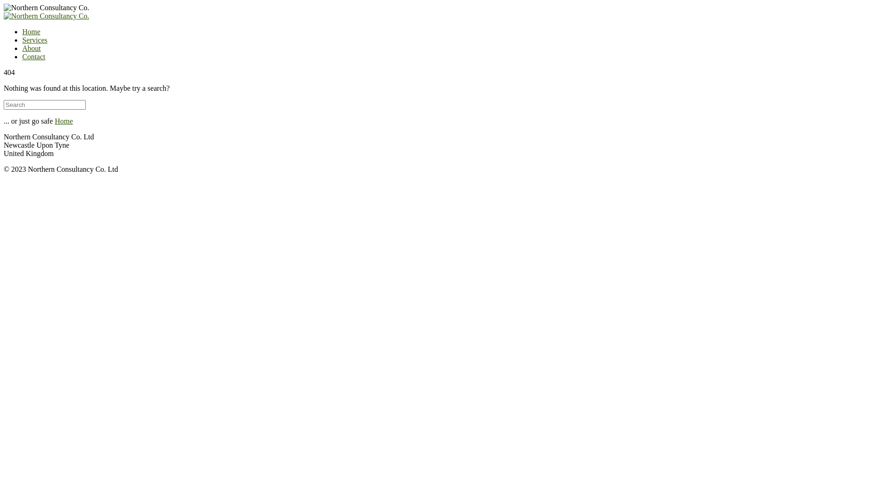  Describe the element at coordinates (54, 120) in the screenshot. I see `'Home'` at that location.